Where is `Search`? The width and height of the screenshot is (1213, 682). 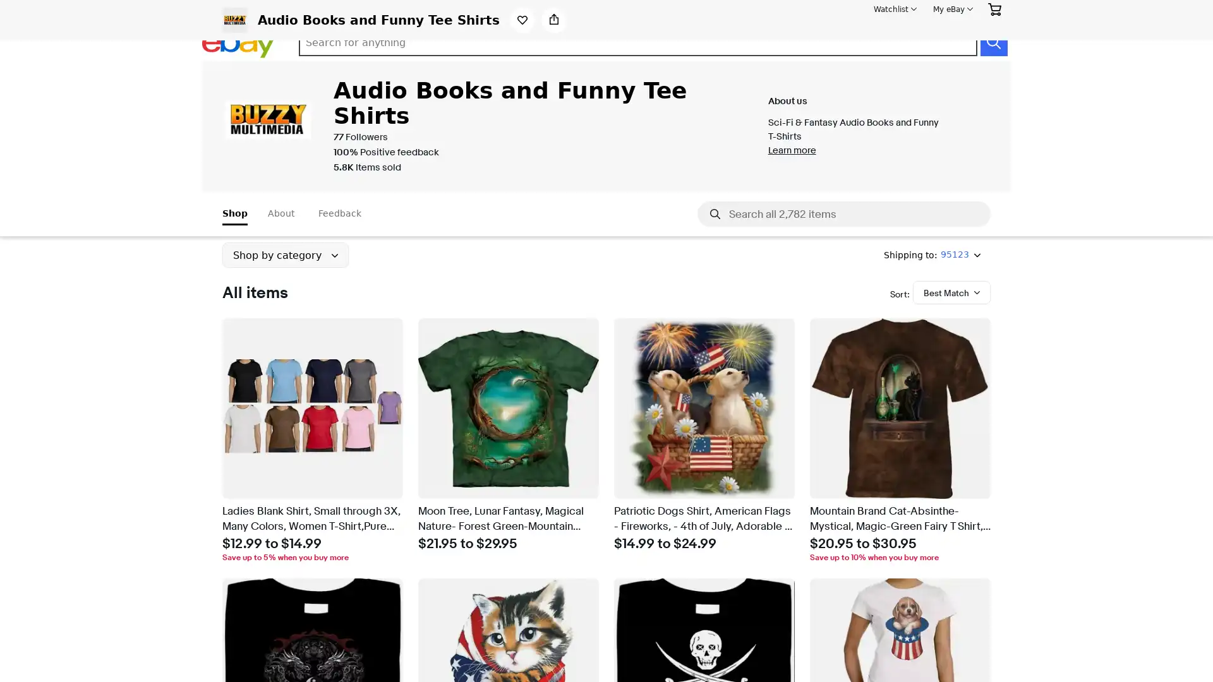
Search is located at coordinates (993, 42).